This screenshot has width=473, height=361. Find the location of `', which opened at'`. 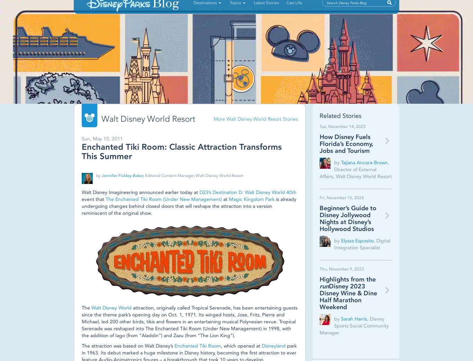

', which opened at' is located at coordinates (241, 346).